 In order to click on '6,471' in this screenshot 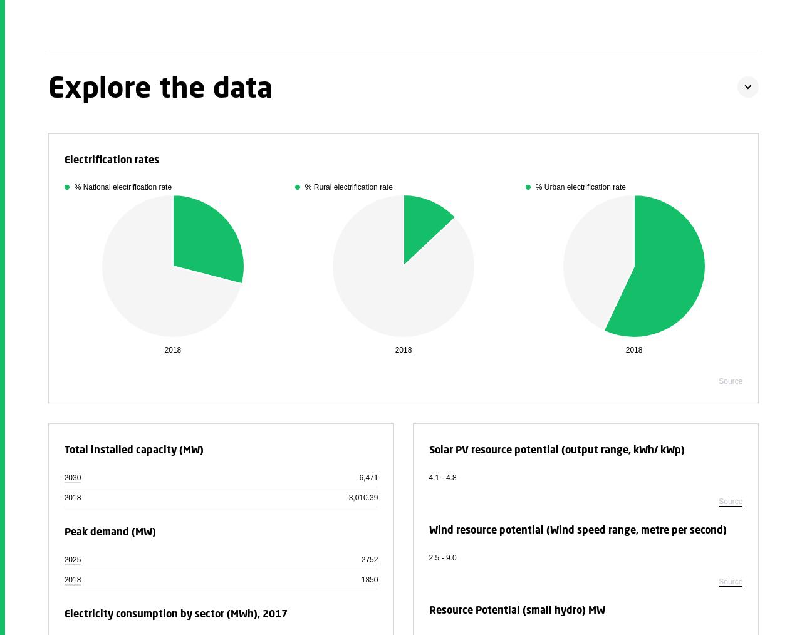, I will do `click(358, 477)`.